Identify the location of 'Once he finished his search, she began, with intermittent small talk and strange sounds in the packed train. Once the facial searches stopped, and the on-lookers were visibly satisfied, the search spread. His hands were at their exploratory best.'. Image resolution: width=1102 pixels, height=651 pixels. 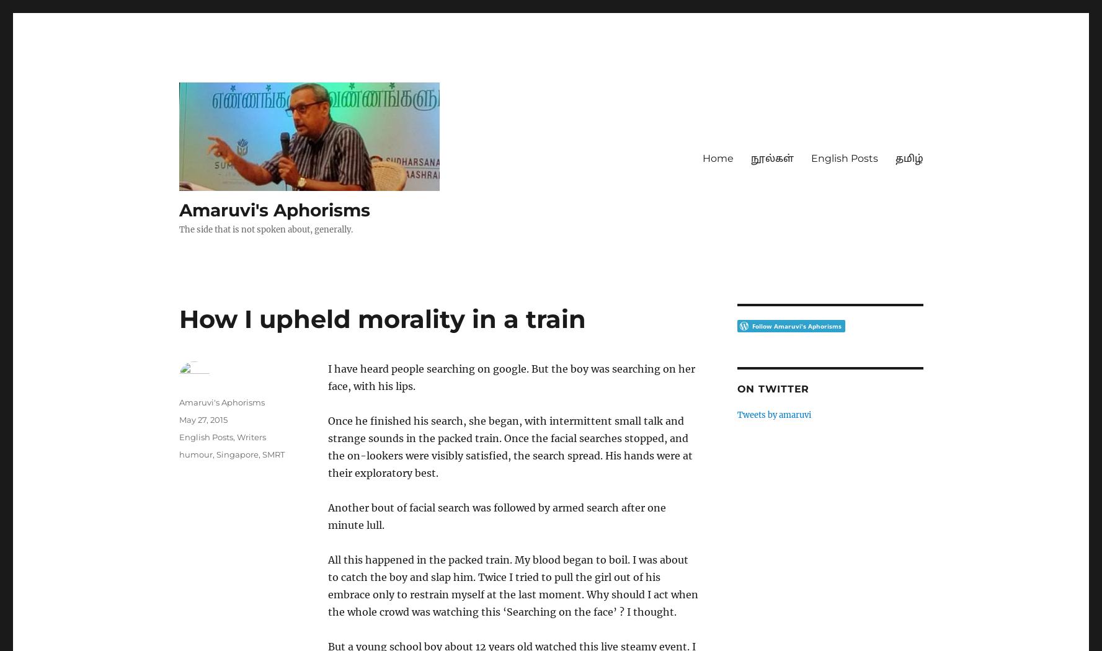
(327, 446).